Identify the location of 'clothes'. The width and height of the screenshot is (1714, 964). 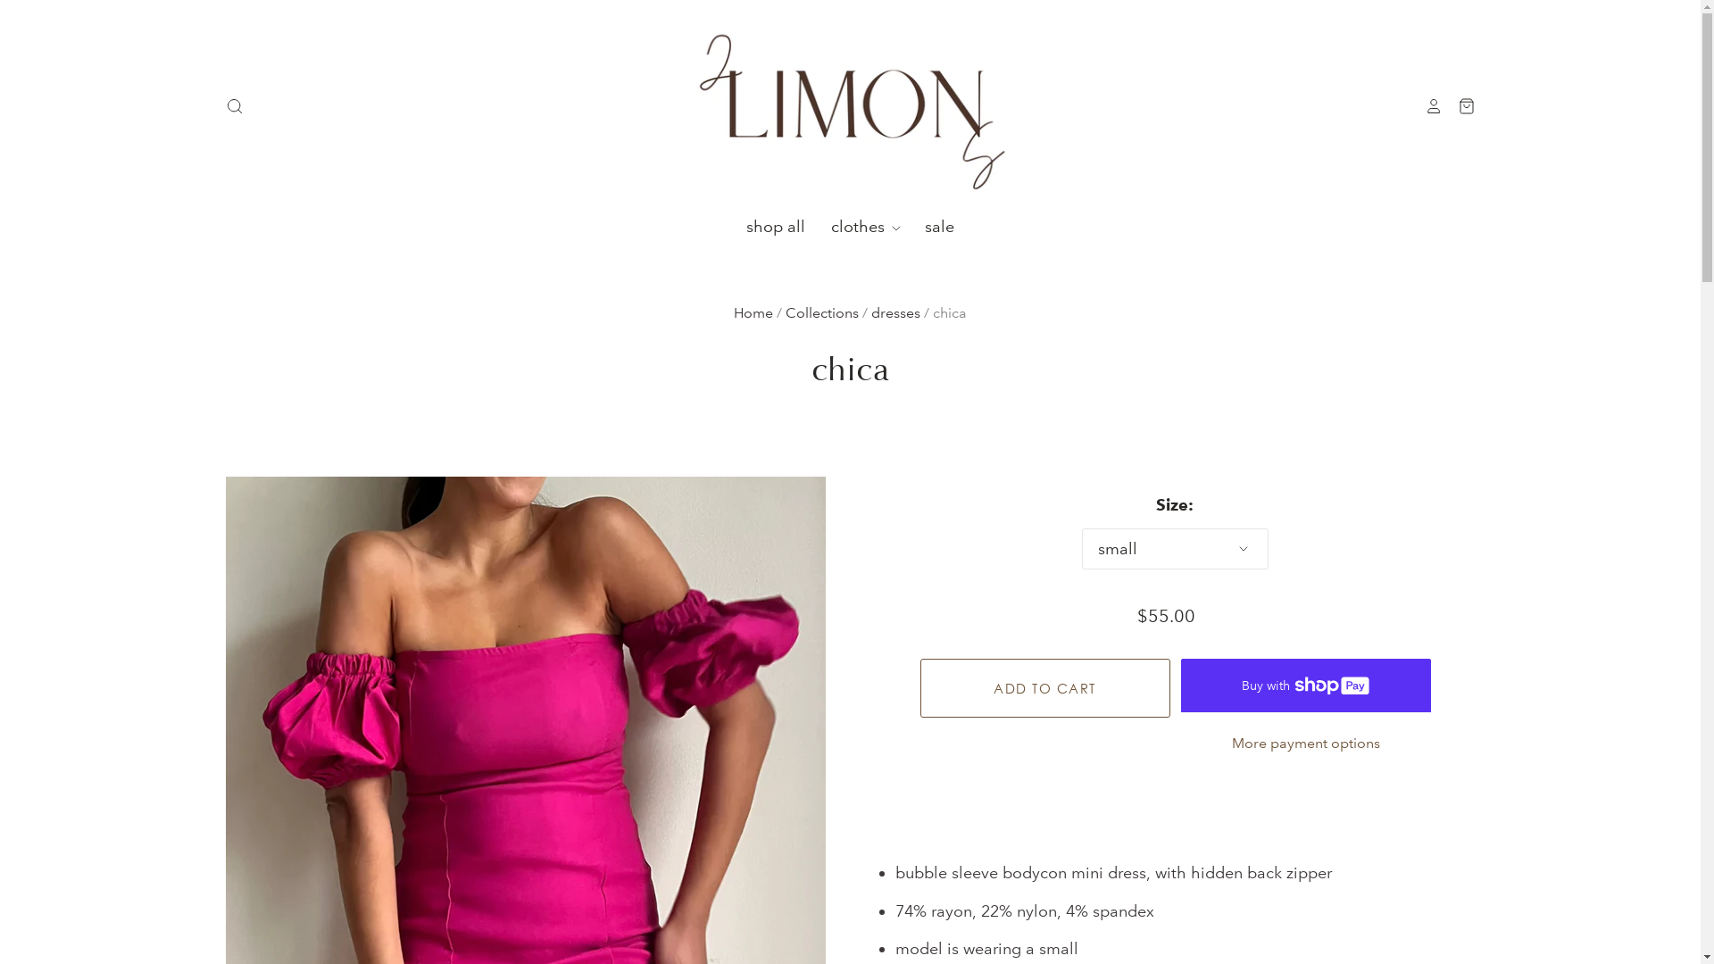
(854, 226).